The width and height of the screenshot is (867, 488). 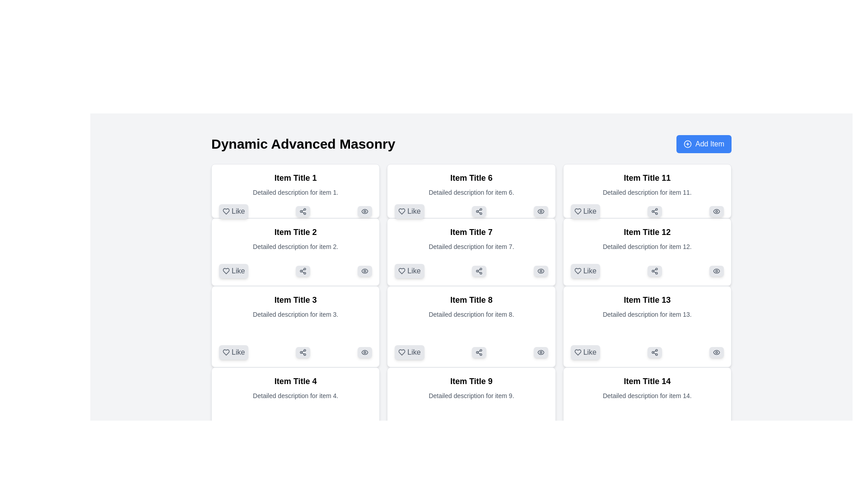 What do you see at coordinates (471, 271) in the screenshot?
I see `the share button located in the second row of the interface within the card titled 'Item Title 7', which is the second button in a row of three buttons at the bottom of the card` at bounding box center [471, 271].